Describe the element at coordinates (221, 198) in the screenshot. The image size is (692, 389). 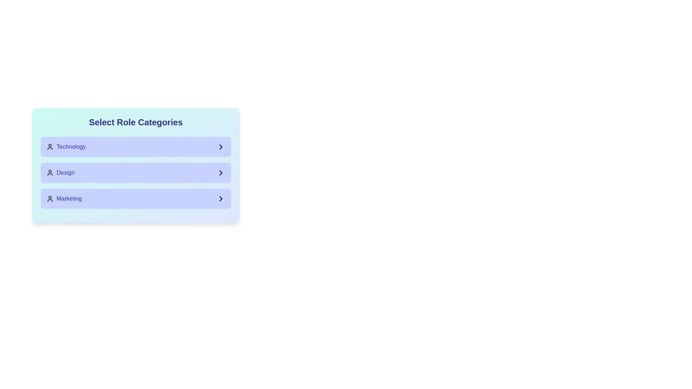
I see `the chevron icon located at the far right edge of the 'Marketing' section in the 'Select Role Categories' list` at that location.